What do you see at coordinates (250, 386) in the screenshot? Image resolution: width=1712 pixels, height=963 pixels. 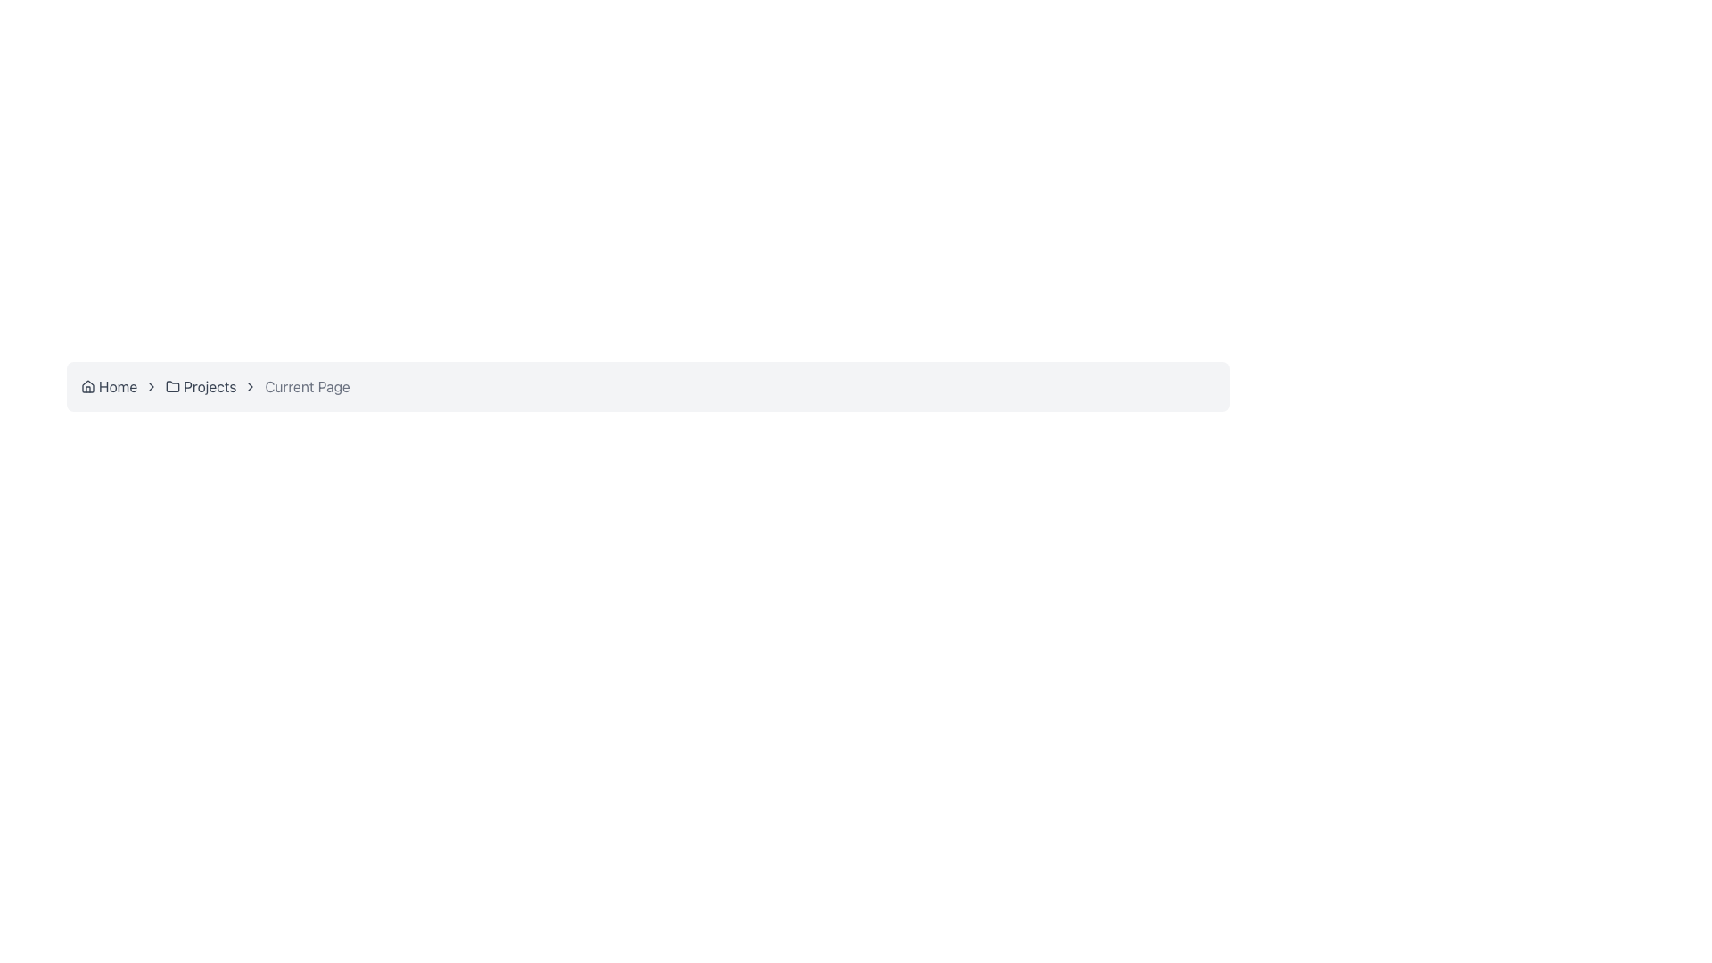 I see `the third chevron icon in the breadcrumb navigation, which visually indicates the separation between 'Projects' and 'Current Page'` at bounding box center [250, 386].